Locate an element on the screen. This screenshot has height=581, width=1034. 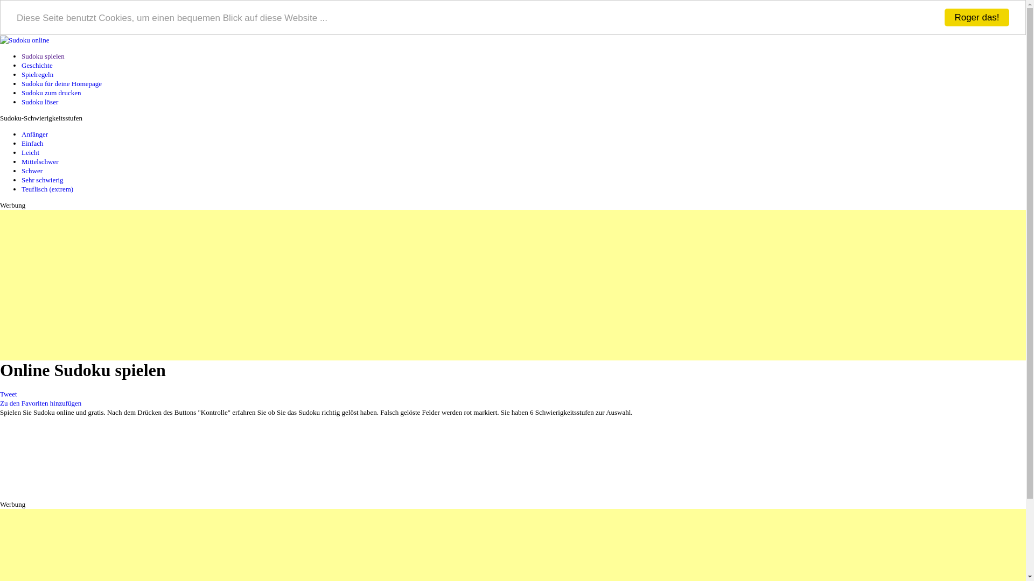
'Einfach' is located at coordinates (21, 143).